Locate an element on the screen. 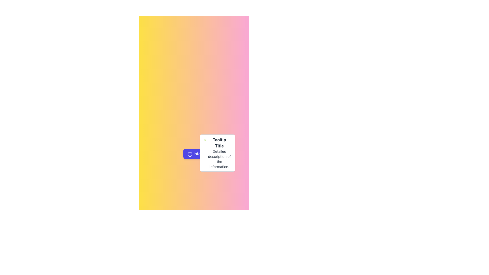 The image size is (489, 275). the static text located directly below the title 'Tooltip Title', which provides detailed information about the topic is located at coordinates (219, 159).